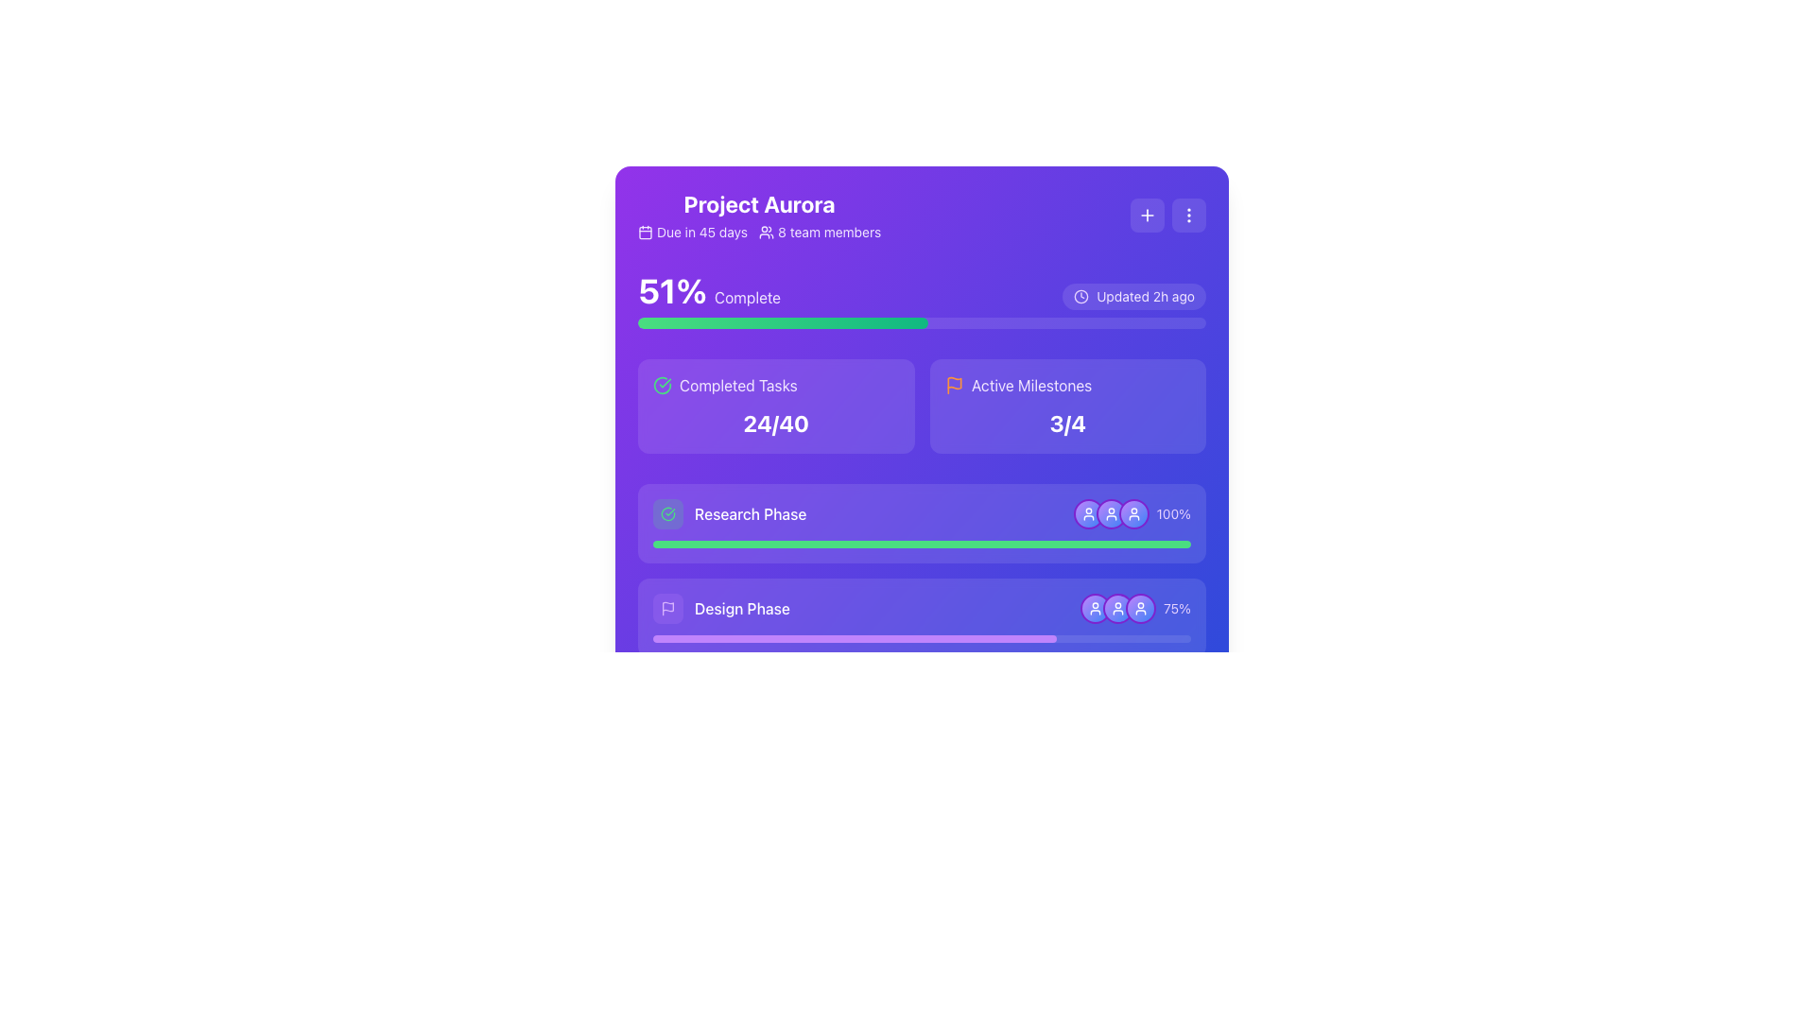  Describe the element at coordinates (783, 322) in the screenshot. I see `the progress bar segment that is visually represented as a rounded full-width bar with a gradient color transitioning from green to emerald, indicating 51% completion, located below the '51% Complete' text` at that location.